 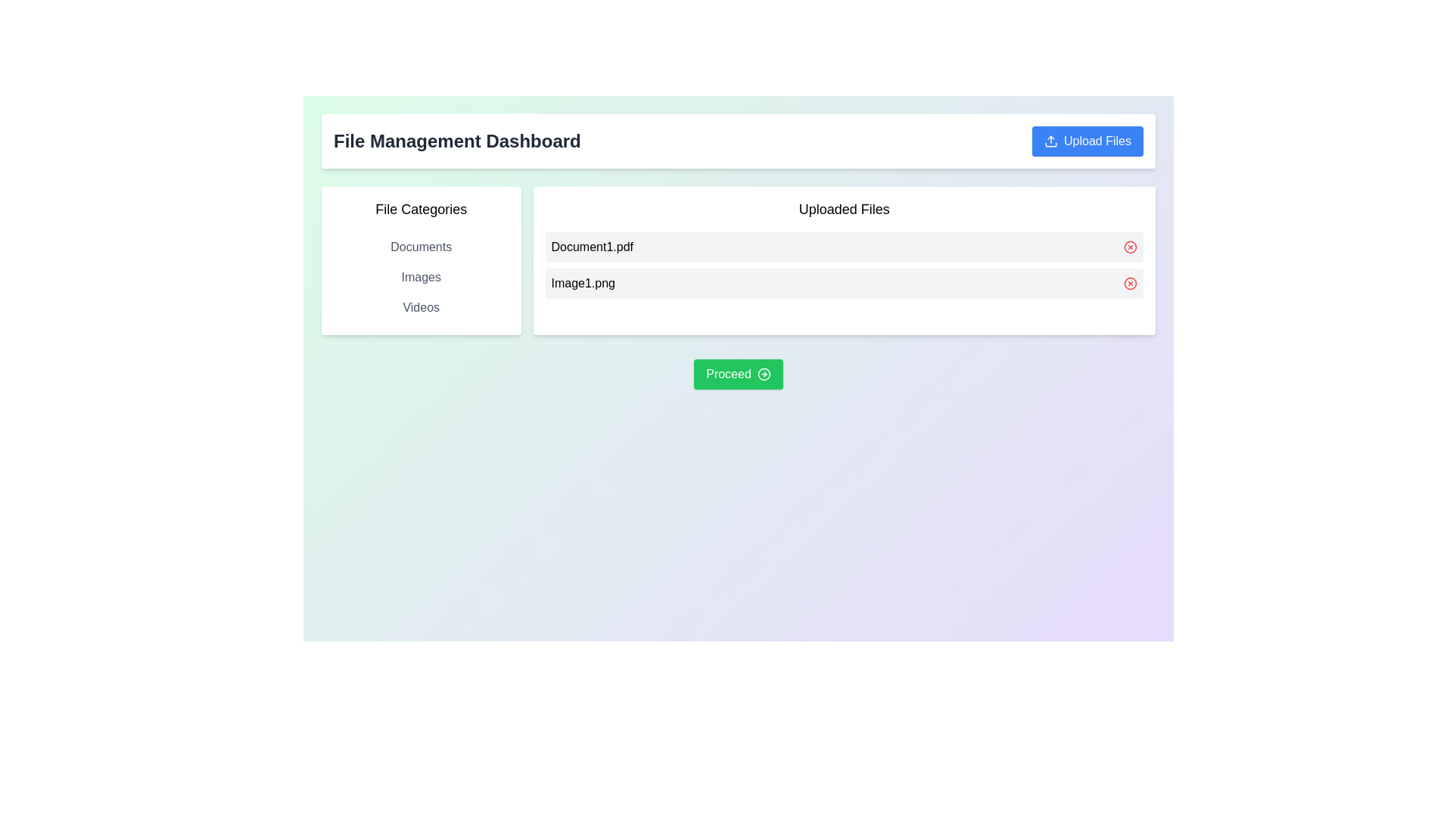 What do you see at coordinates (591, 247) in the screenshot?
I see `displayed text of the Text label showing the name of the uploaded document 'Document1.pdf' in the 'Uploaded Files' section of the file management dashboard` at bounding box center [591, 247].